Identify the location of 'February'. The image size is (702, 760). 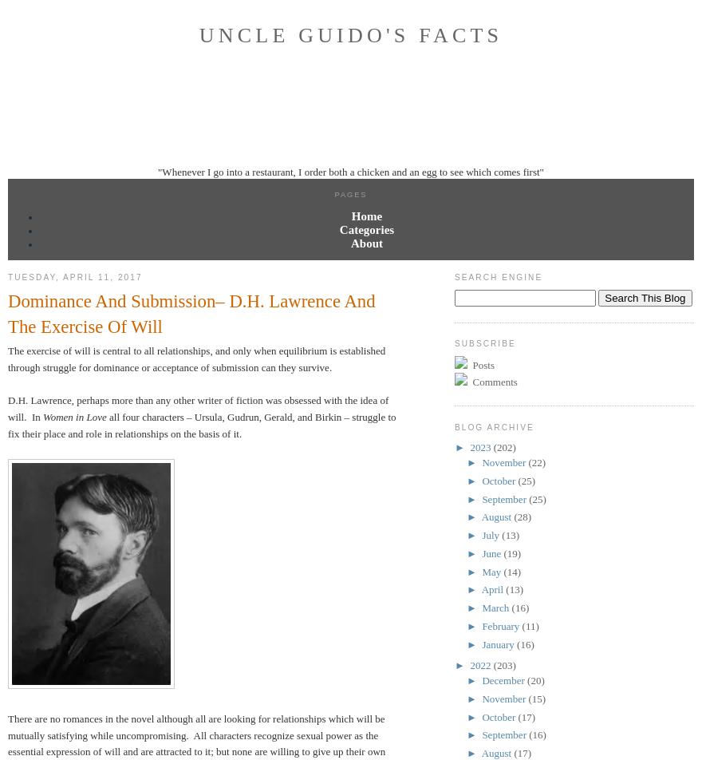
(502, 625).